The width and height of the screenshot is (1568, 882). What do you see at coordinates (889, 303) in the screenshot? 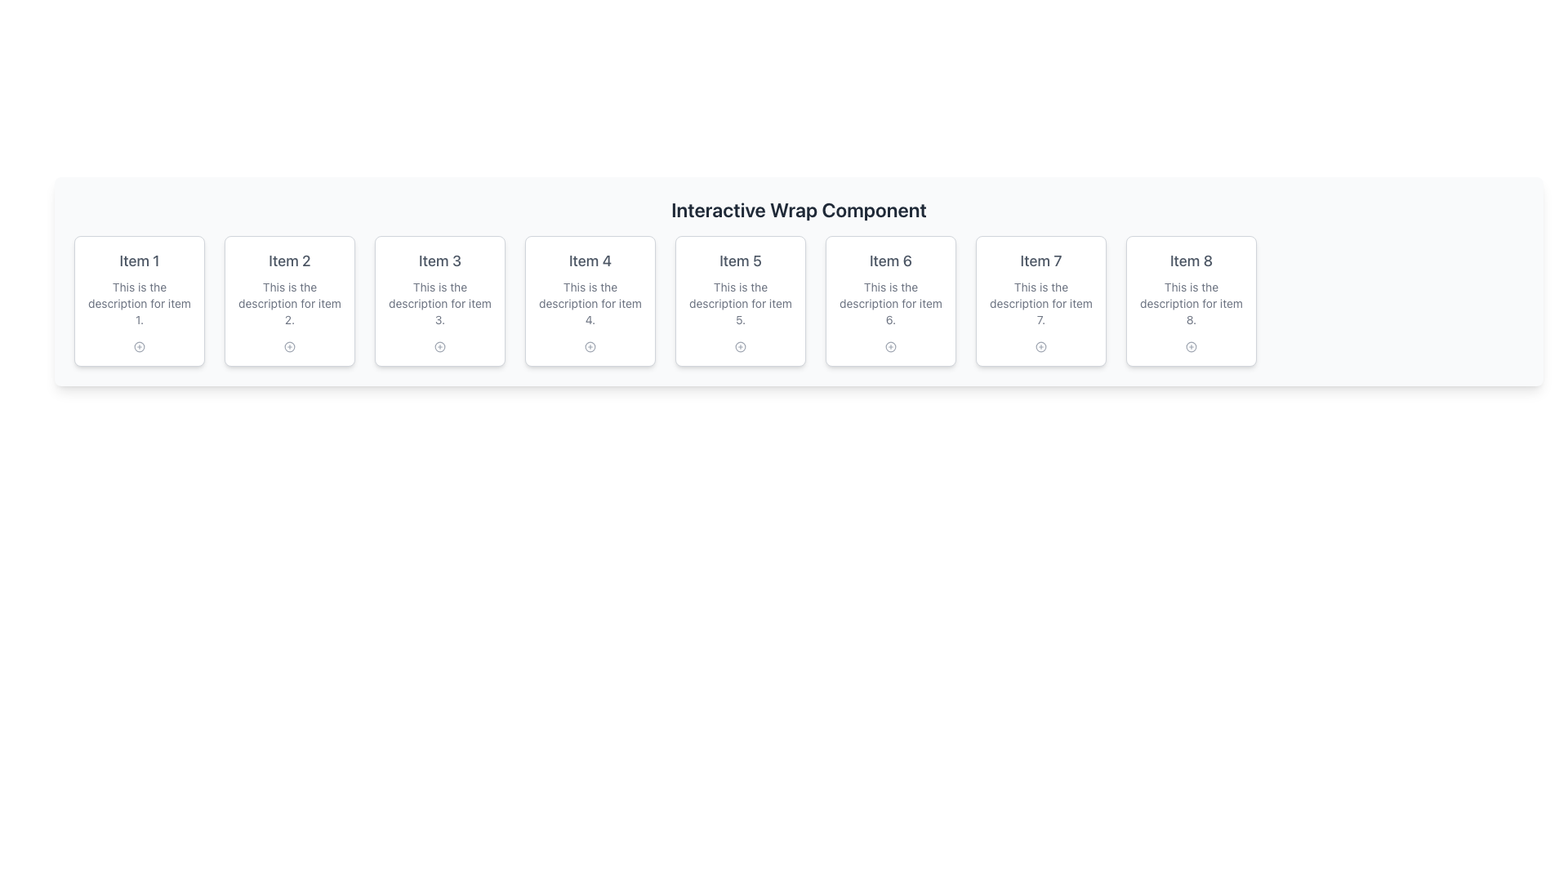
I see `text block that contains the description for item 6, which is styled in a smaller gray font and located centrally below the header 'Item 6' within the card layout` at bounding box center [889, 303].